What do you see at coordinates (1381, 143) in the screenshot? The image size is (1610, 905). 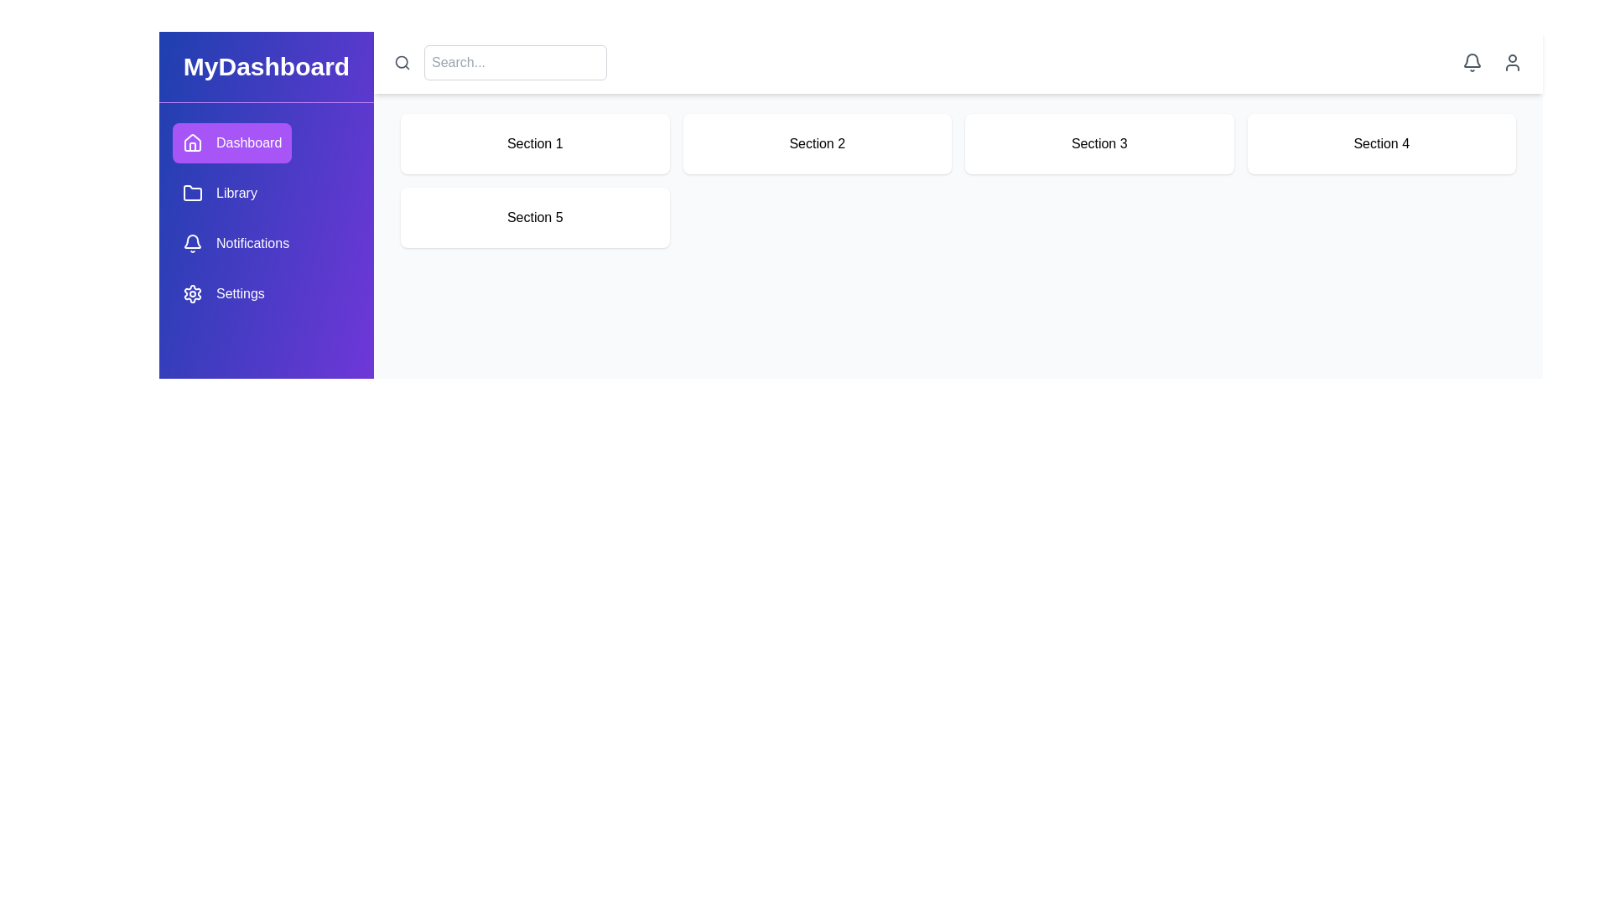 I see `the 'Section 4' card` at bounding box center [1381, 143].